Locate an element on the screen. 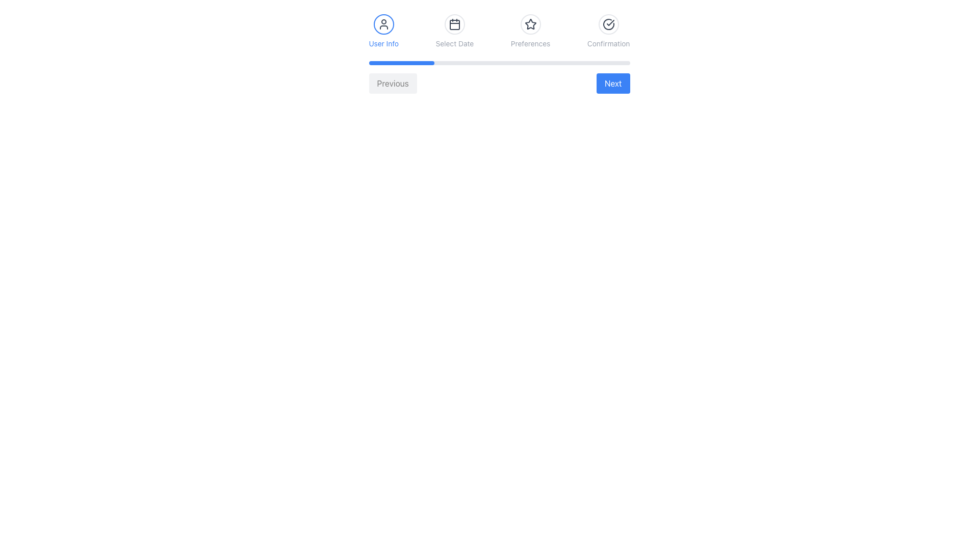 The width and height of the screenshot is (979, 550). the third Step Indicator labeled 'Preferences' in the progress bar is located at coordinates (530, 31).